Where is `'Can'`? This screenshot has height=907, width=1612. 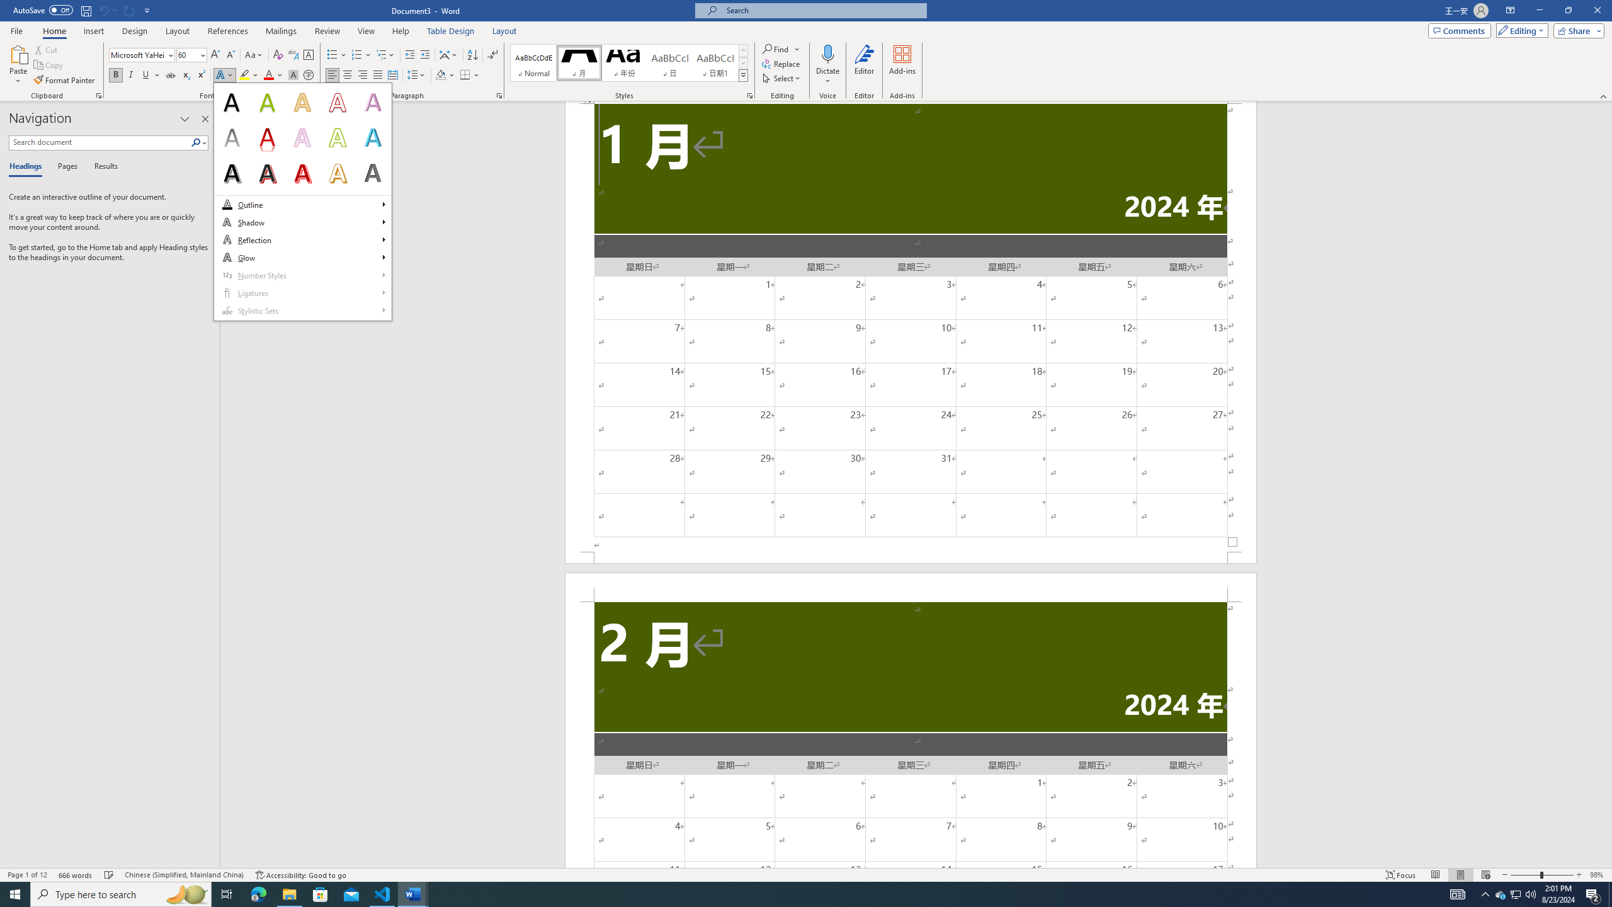
'Can' is located at coordinates (129, 9).